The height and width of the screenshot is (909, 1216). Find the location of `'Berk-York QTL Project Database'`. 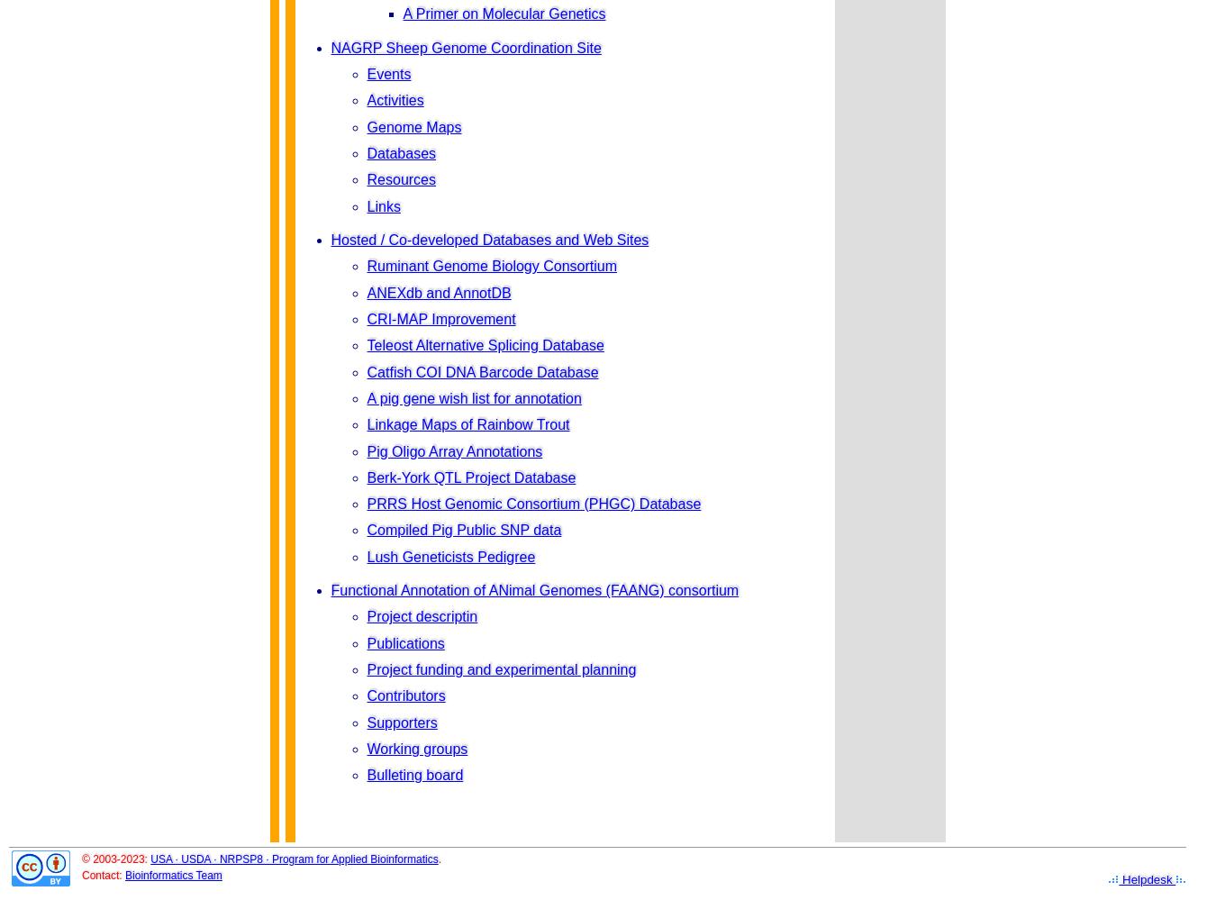

'Berk-York QTL Project Database' is located at coordinates (367, 477).